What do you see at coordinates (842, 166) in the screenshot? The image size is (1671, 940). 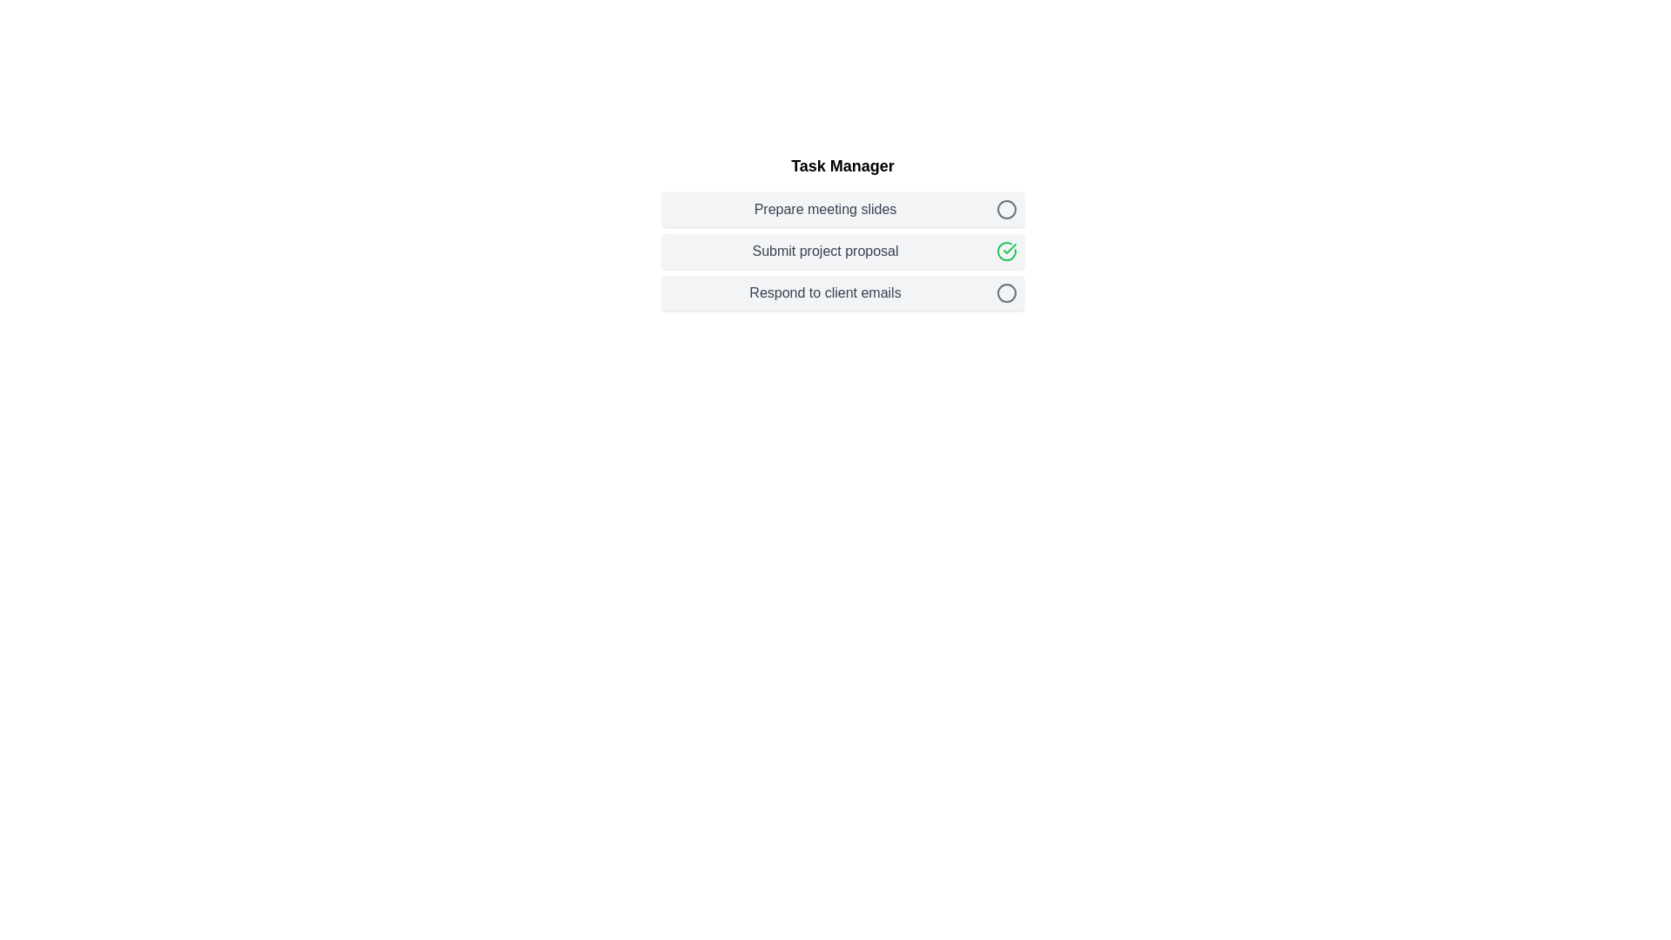 I see `the bold text heading labeled 'Task Manager' which is positioned at the top of the task list interface` at bounding box center [842, 166].